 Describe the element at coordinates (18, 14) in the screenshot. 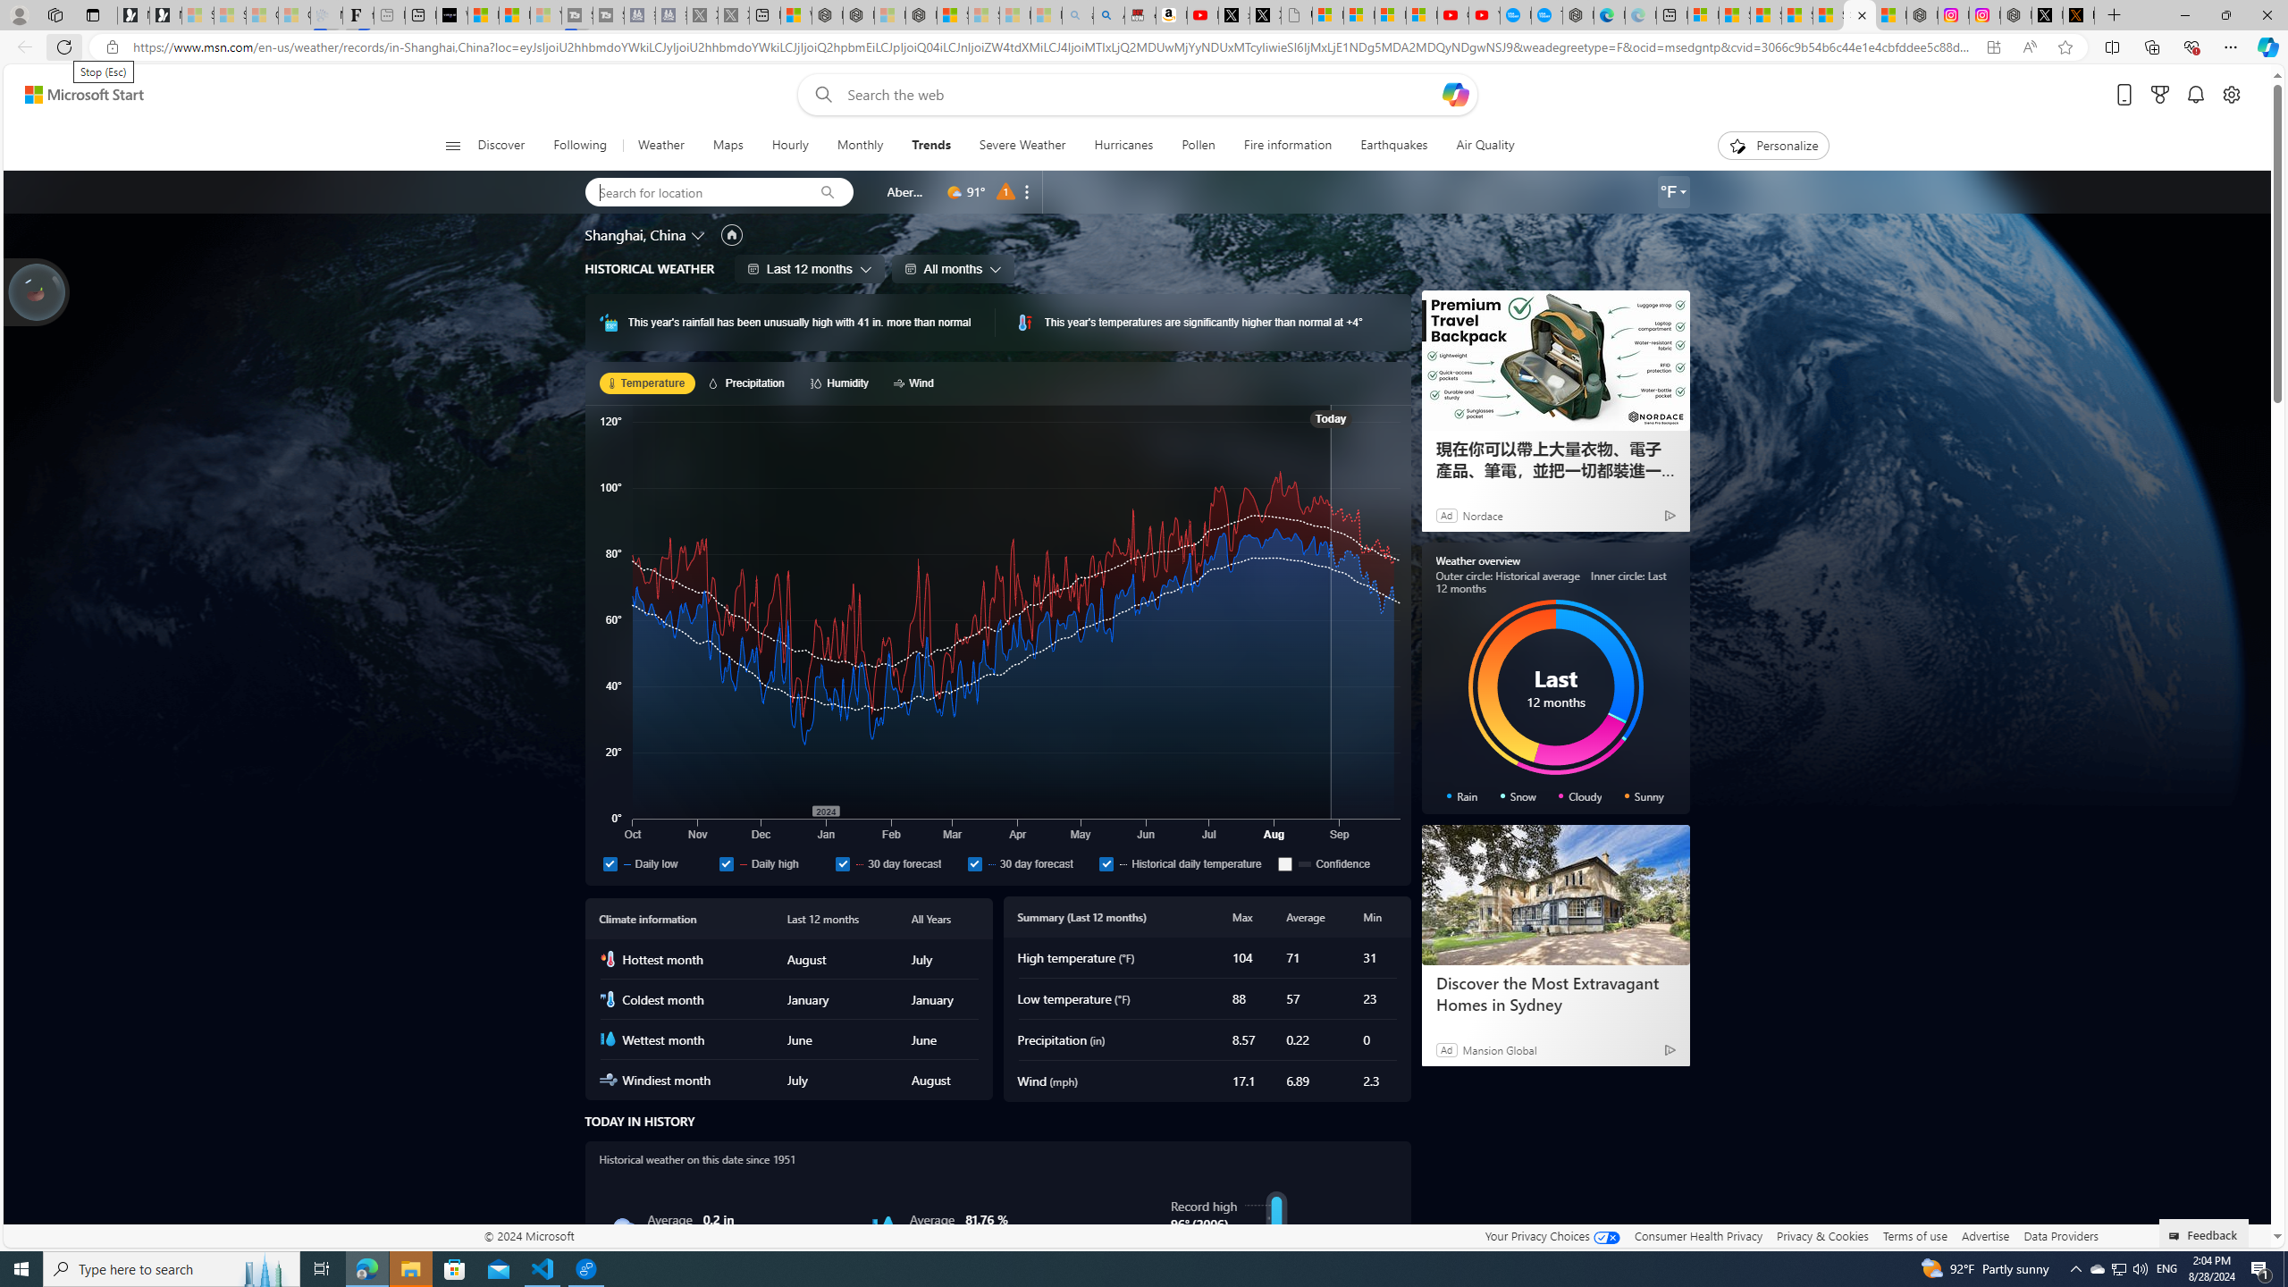

I see `'Personal Profile'` at that location.